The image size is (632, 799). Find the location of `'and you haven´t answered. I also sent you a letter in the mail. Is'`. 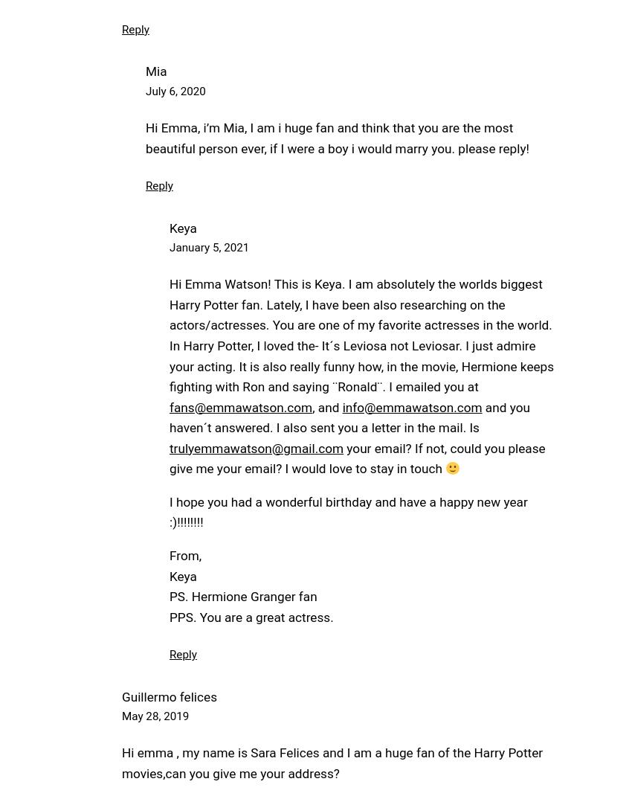

'and you haven´t answered. I also sent you a letter in the mail. Is' is located at coordinates (169, 416).